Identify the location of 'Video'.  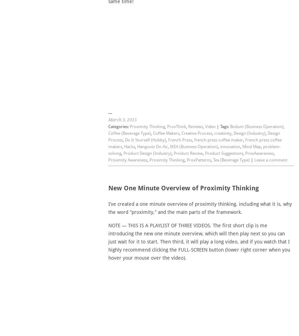
(210, 126).